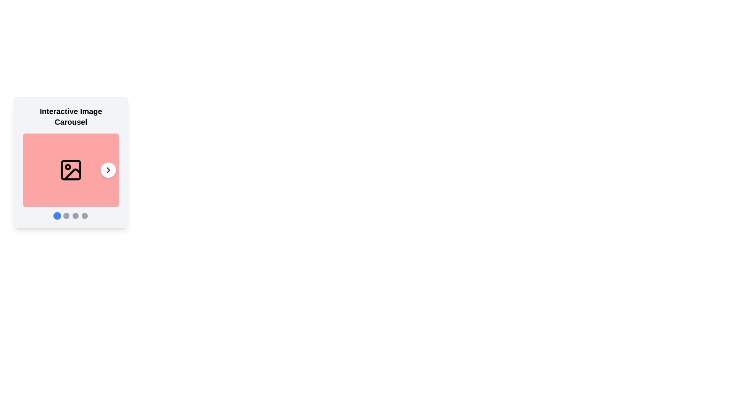  What do you see at coordinates (75, 216) in the screenshot?
I see `the third circle from the left in a row of four circles at the bottom of the carousel` at bounding box center [75, 216].